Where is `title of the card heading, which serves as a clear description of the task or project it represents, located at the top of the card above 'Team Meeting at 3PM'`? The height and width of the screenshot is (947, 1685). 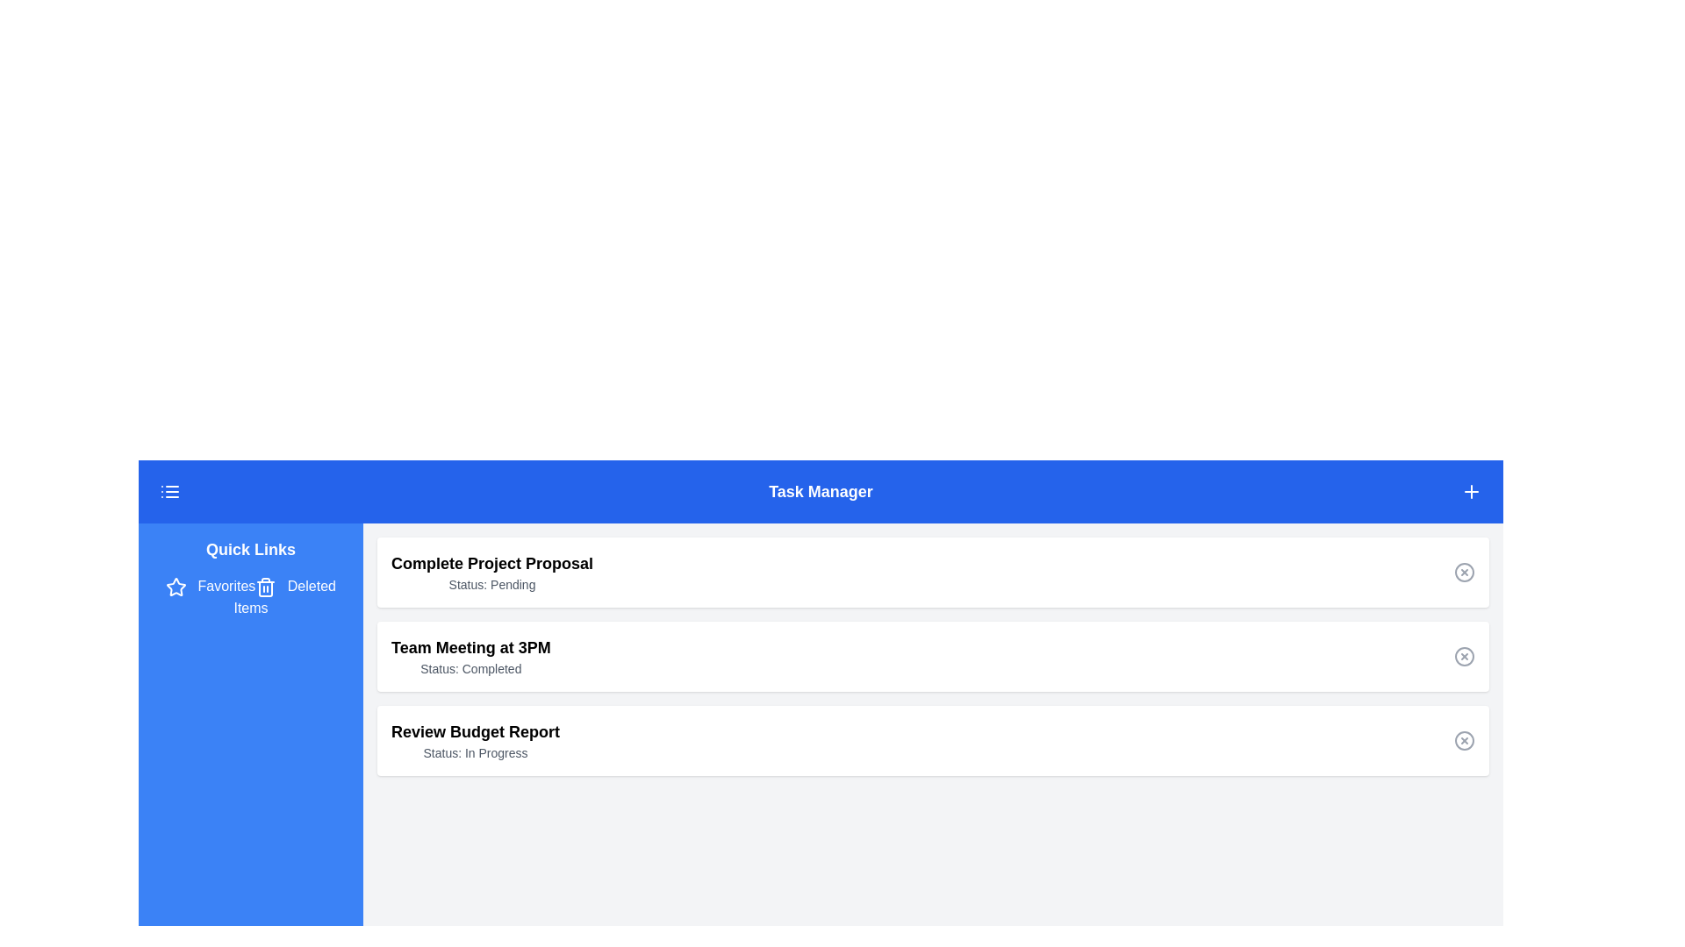 title of the card heading, which serves as a clear description of the task or project it represents, located at the top of the card above 'Team Meeting at 3PM' is located at coordinates (491, 564).